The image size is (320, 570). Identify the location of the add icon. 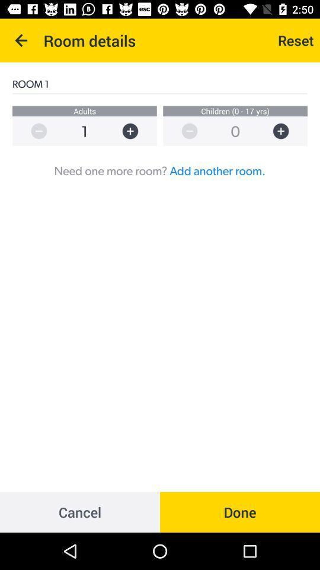
(286, 131).